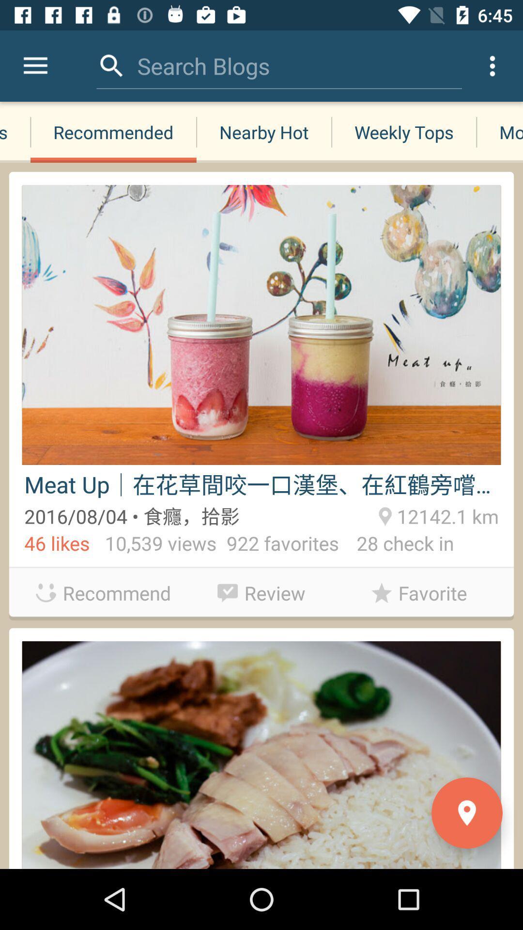 The width and height of the screenshot is (523, 930). What do you see at coordinates (264, 132) in the screenshot?
I see `the nearby hot item` at bounding box center [264, 132].